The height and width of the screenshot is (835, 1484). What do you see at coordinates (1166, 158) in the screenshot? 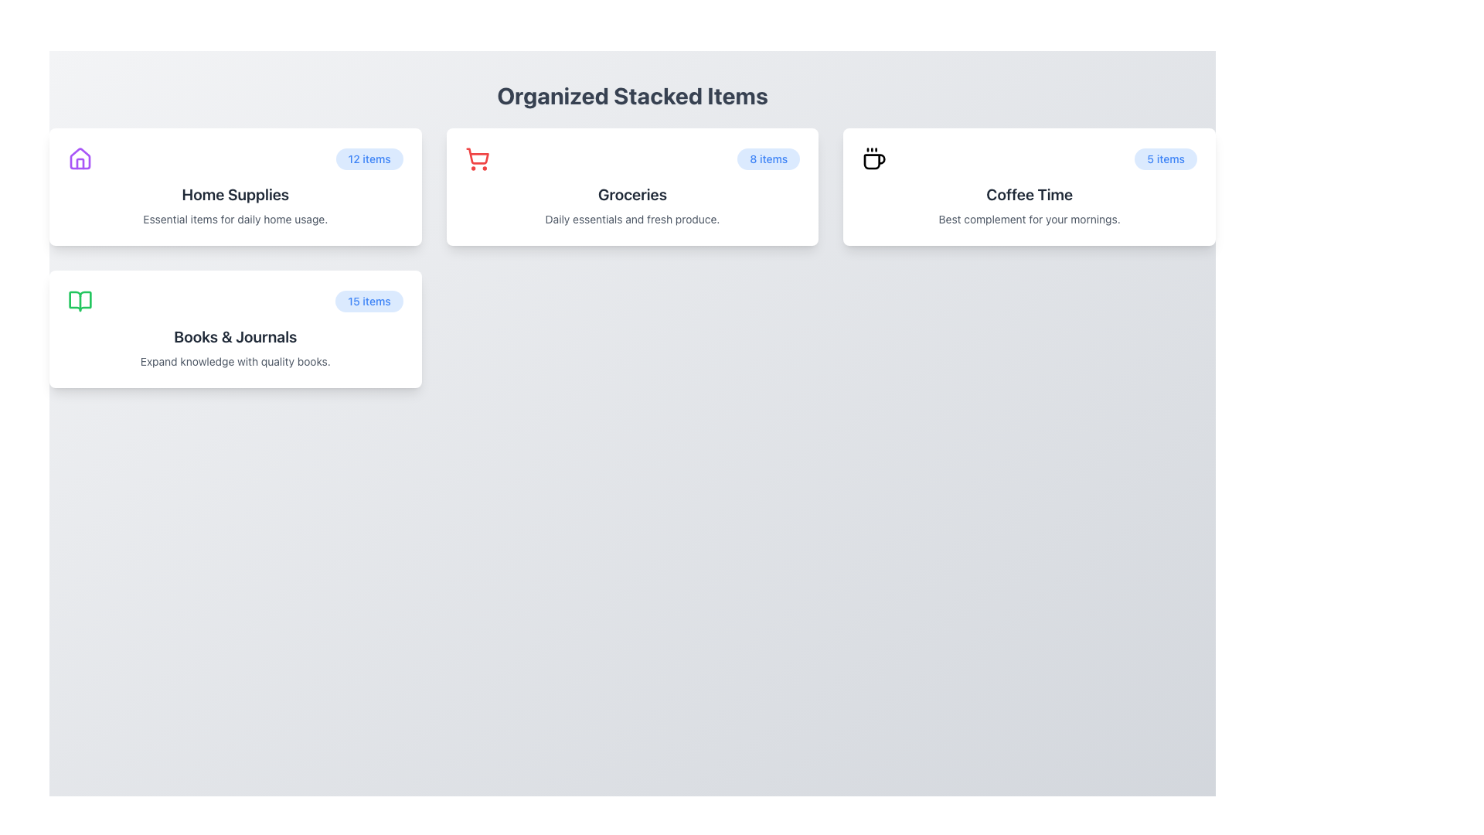
I see `the informational Badge that indicates the count of items related to the 'Coffee Time' card, positioned in the top-right corner of the card` at bounding box center [1166, 158].